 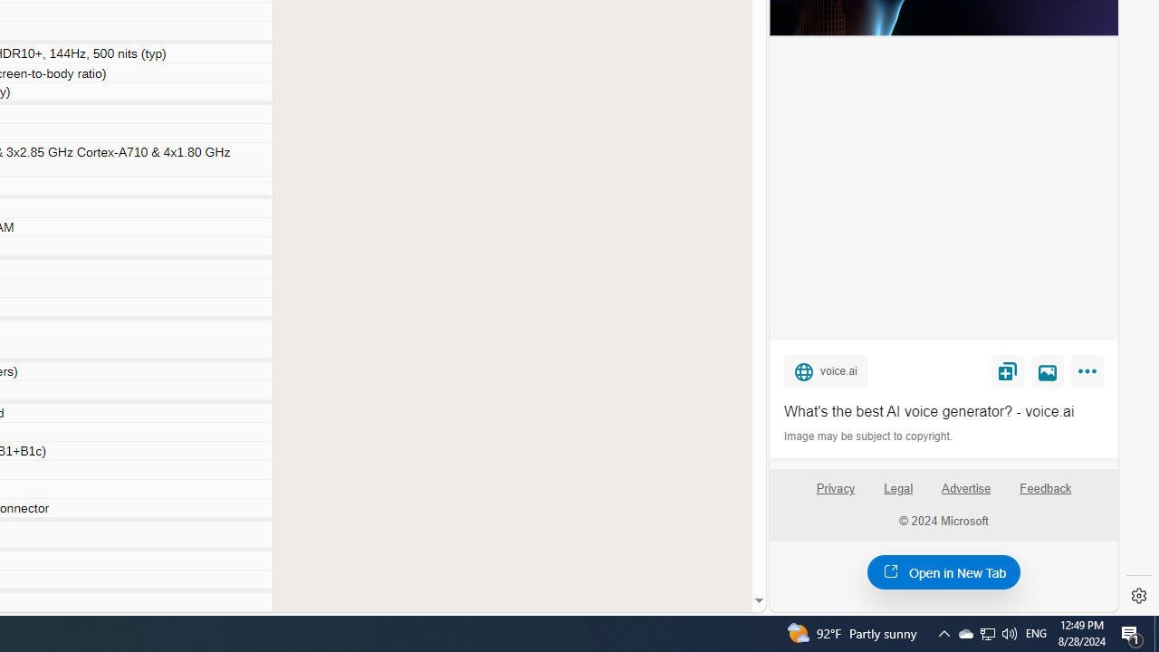 I want to click on 'View image', so click(x=1048, y=369).